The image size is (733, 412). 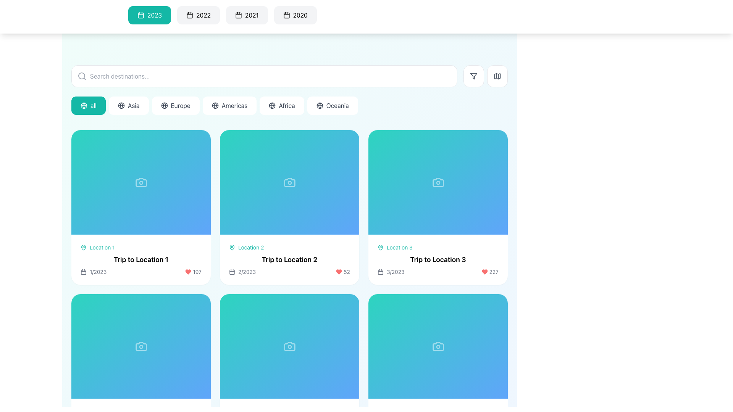 I want to click on the 'Europe' filter button, which is a compact button with a white background and a globe icon, positioned between 'Asia' and 'Americas' in the top section of the application, so click(x=175, y=106).